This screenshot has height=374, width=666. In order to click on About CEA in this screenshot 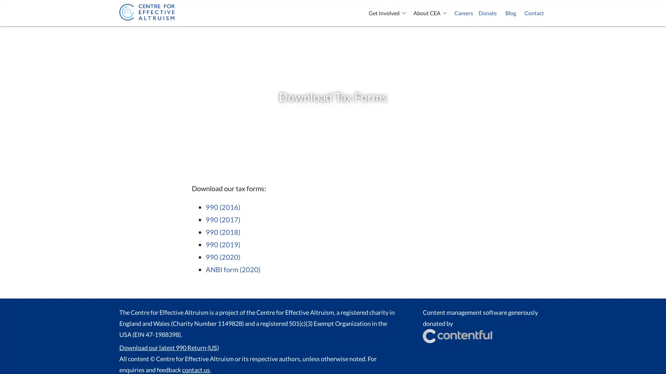, I will do `click(431, 13)`.